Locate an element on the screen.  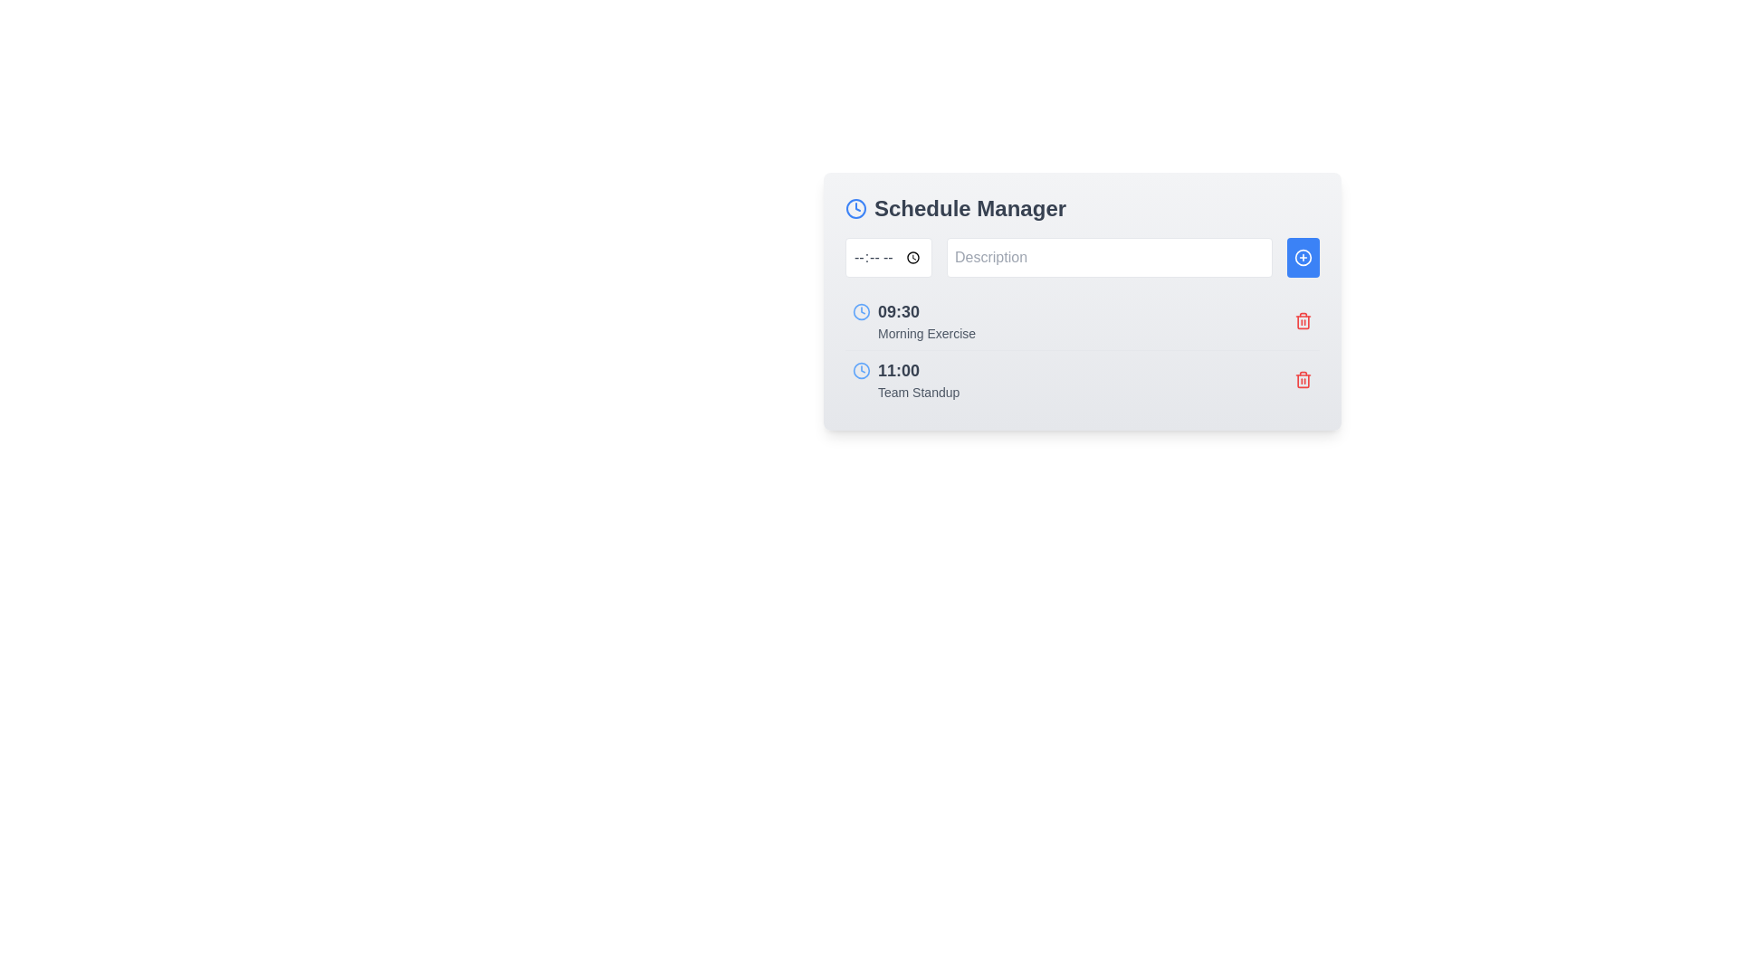
the text label displaying 'Morning Exercise' which is styled in gray and aligned to the left, located directly below the time '09:30' in the schedule list is located at coordinates (914, 334).